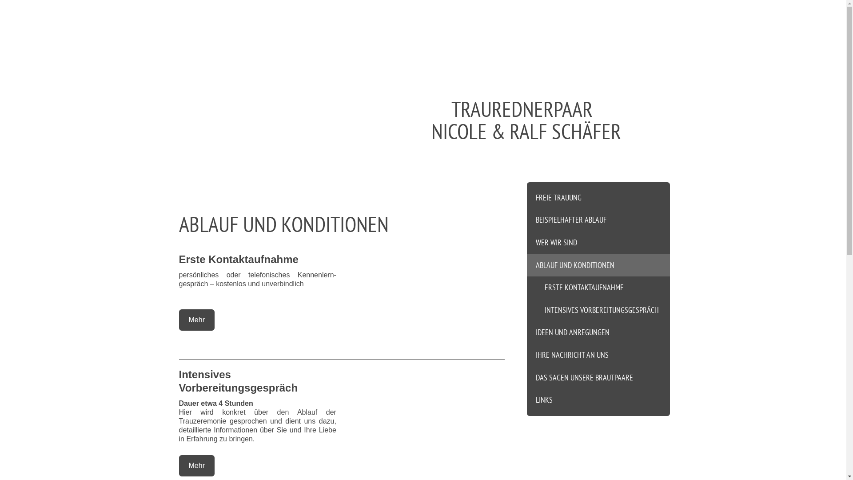 The width and height of the screenshot is (853, 480). Describe the element at coordinates (598, 243) in the screenshot. I see `'WER WIR SIND'` at that location.